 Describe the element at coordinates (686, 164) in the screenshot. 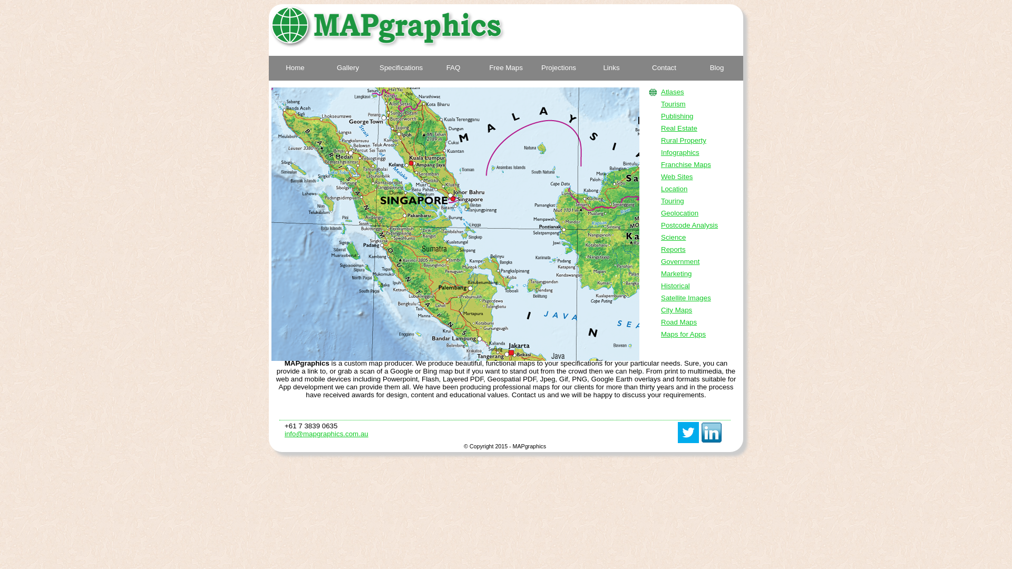

I see `'Franchise Maps'` at that location.